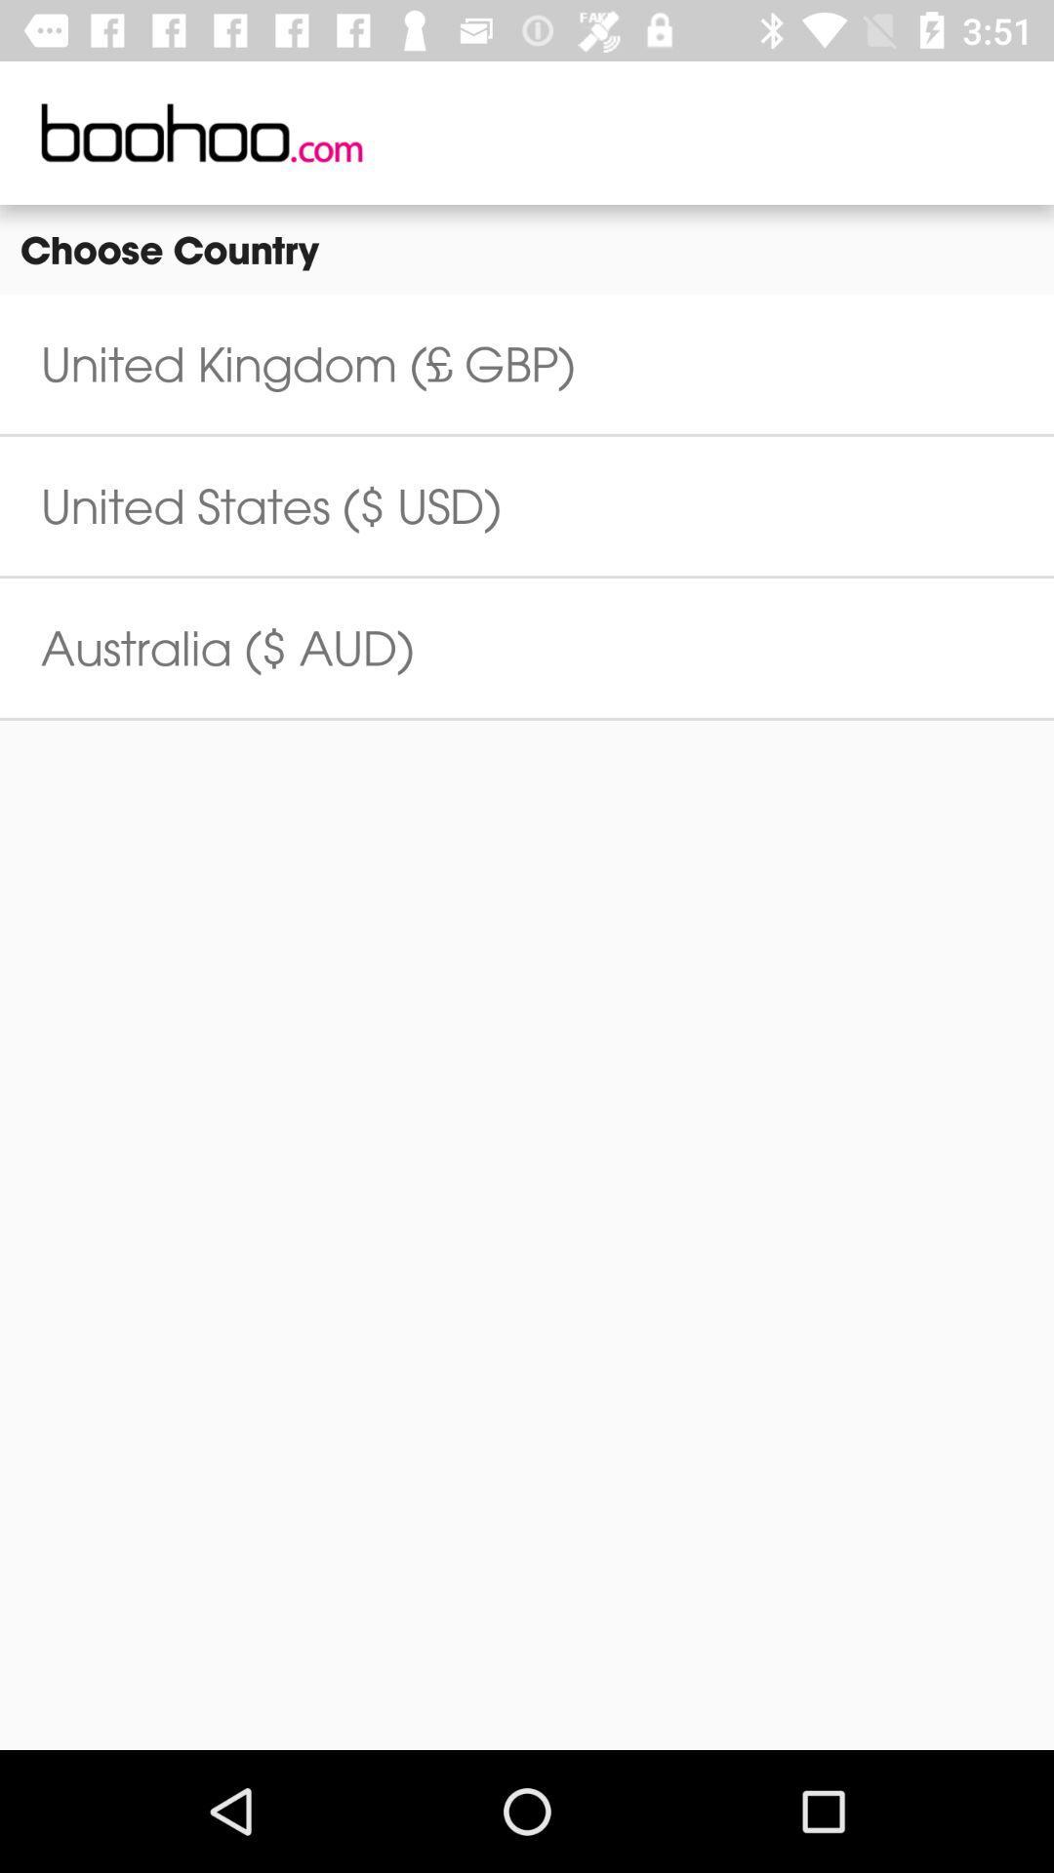 The width and height of the screenshot is (1054, 1873). I want to click on the icon above australia ($ aud) item, so click(270, 505).